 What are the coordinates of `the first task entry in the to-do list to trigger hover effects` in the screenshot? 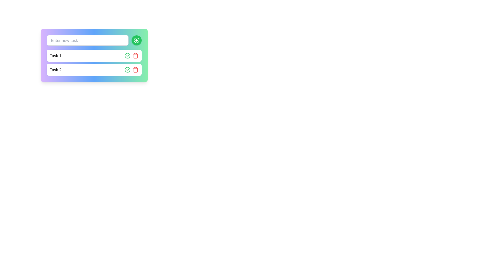 It's located at (94, 56).